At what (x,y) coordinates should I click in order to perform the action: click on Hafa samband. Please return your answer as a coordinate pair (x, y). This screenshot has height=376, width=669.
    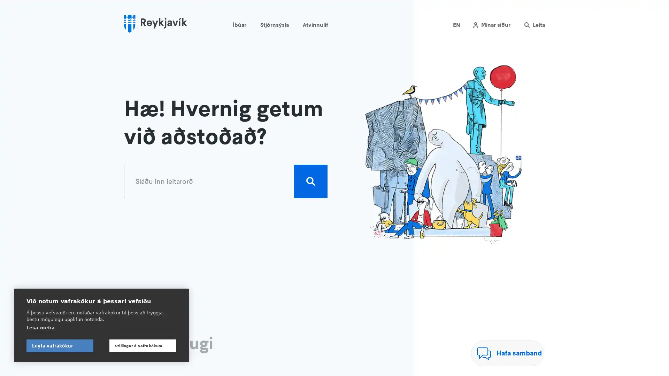
    Looking at the image, I should click on (510, 349).